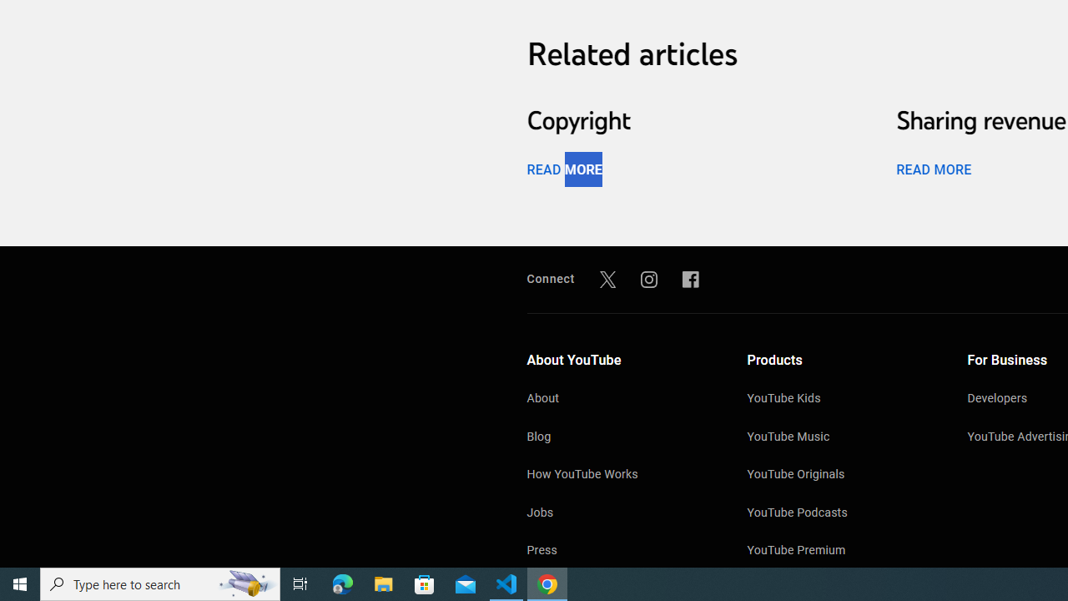  What do you see at coordinates (840, 400) in the screenshot?
I see `'YouTube Kids'` at bounding box center [840, 400].